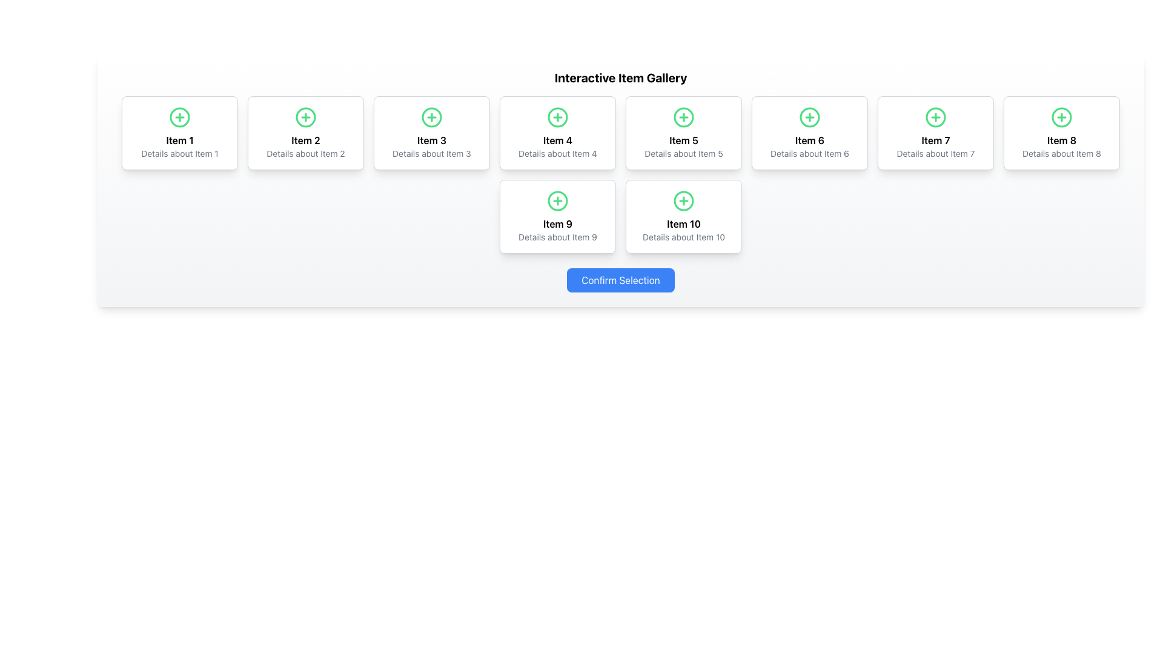 This screenshot has width=1163, height=654. What do you see at coordinates (305, 117) in the screenshot?
I see `the button located at the top of the rectangular card labeled 'Item 2'` at bounding box center [305, 117].